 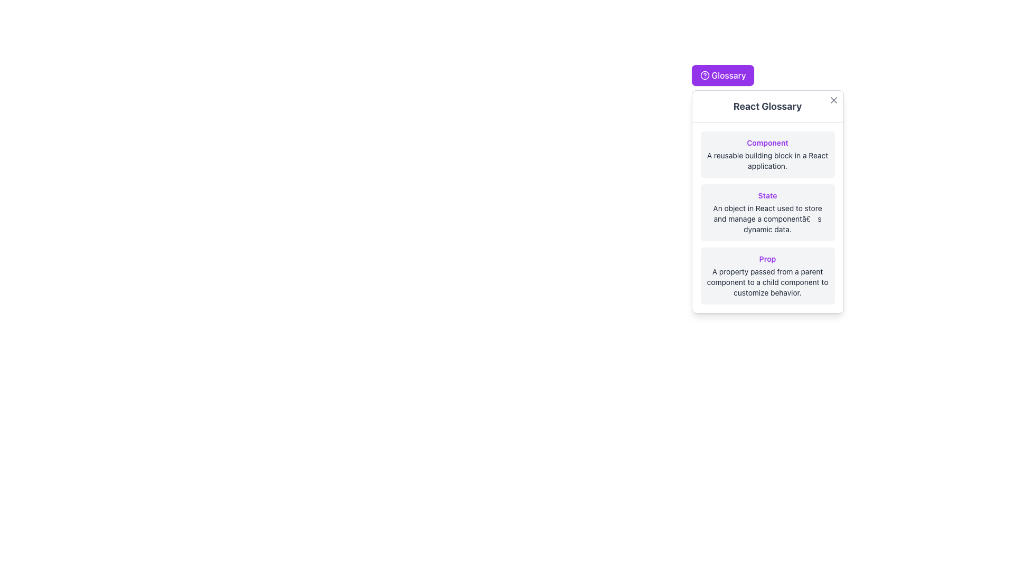 What do you see at coordinates (767, 160) in the screenshot?
I see `the descriptive text element located beneath the title 'Component' in the glossary, which provides context for the concept of 'Component.'` at bounding box center [767, 160].